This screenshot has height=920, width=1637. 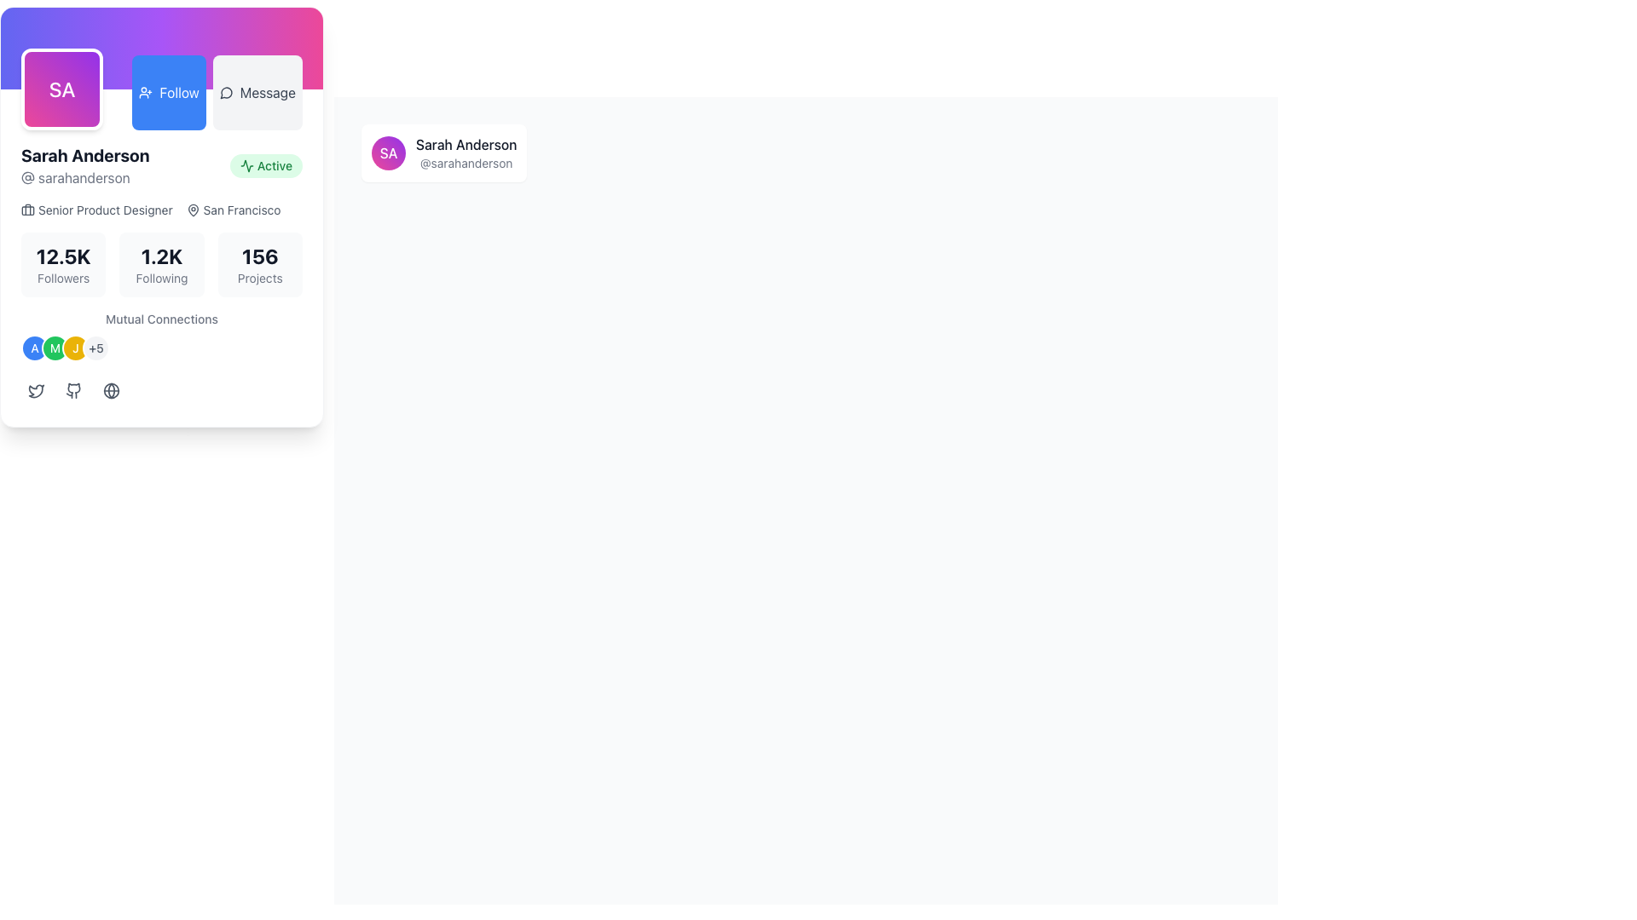 What do you see at coordinates (259, 278) in the screenshot?
I see `the static text label displaying 'Projects', which is located directly below the number '156' in a summary statistics section` at bounding box center [259, 278].